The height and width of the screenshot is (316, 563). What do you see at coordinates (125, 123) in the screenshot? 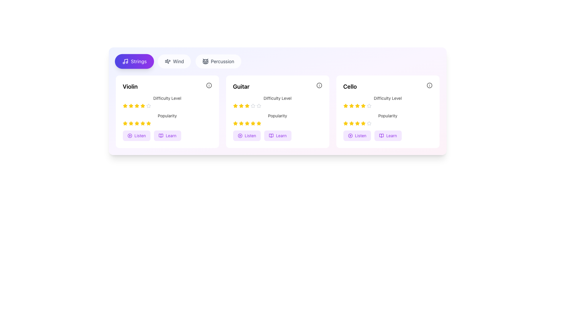
I see `the first yellow star icon representing the rating of 'Violin'` at bounding box center [125, 123].